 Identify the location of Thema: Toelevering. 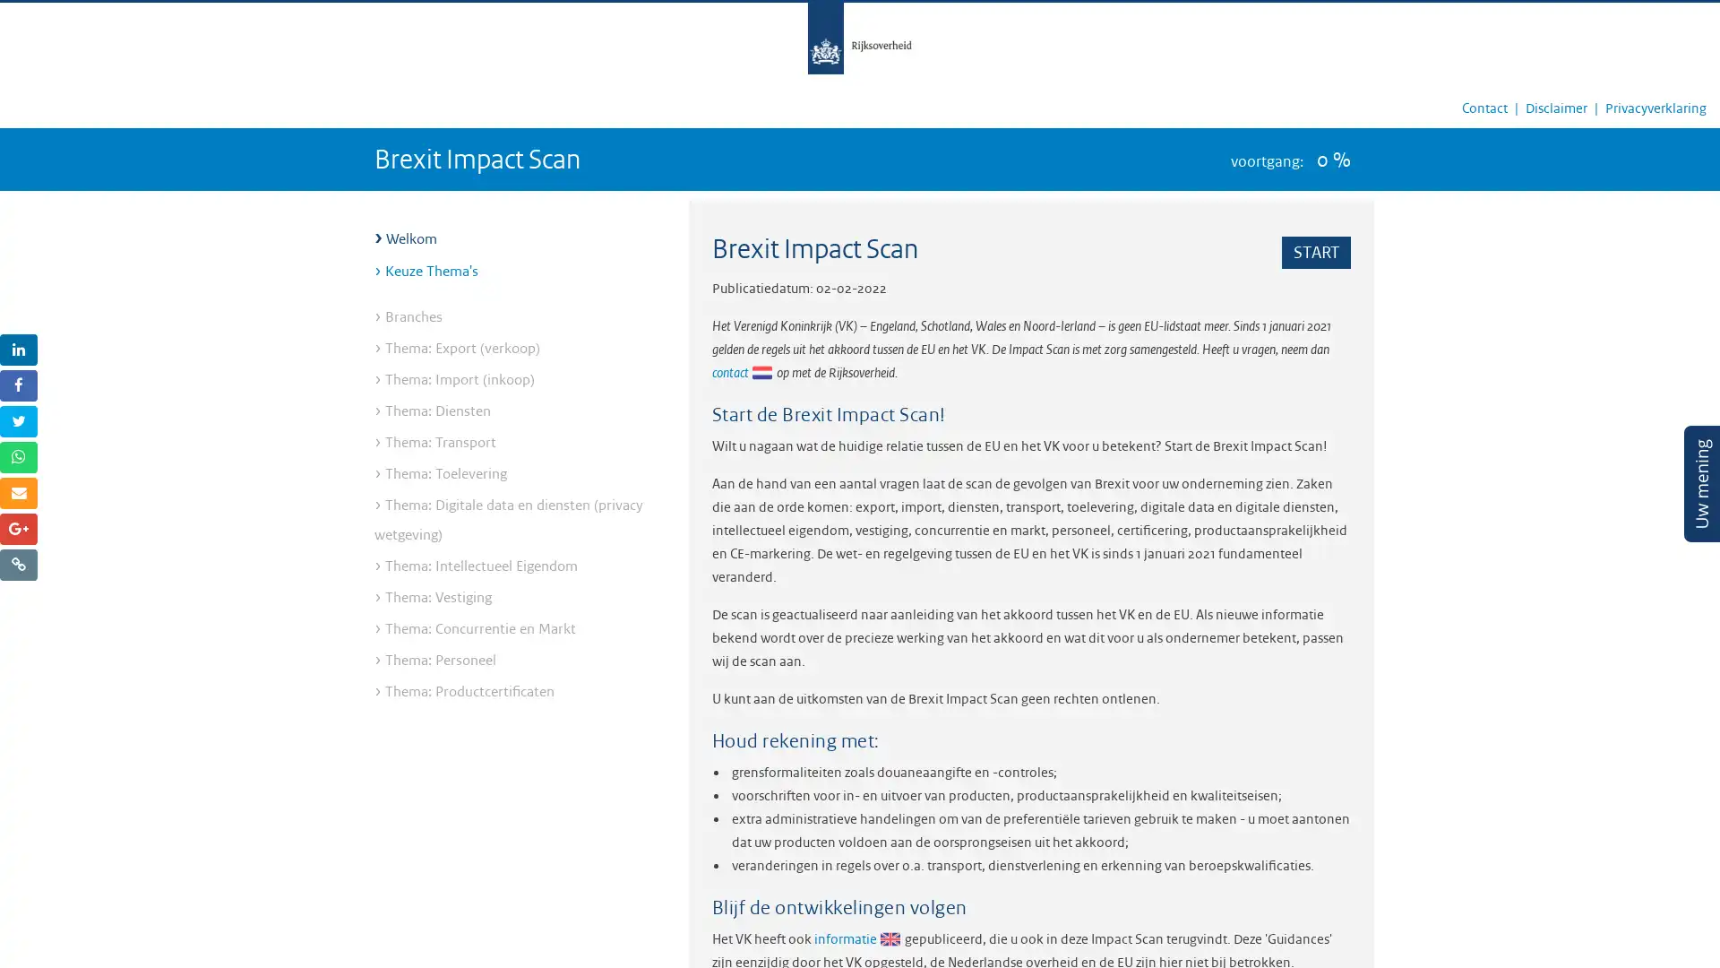
(515, 472).